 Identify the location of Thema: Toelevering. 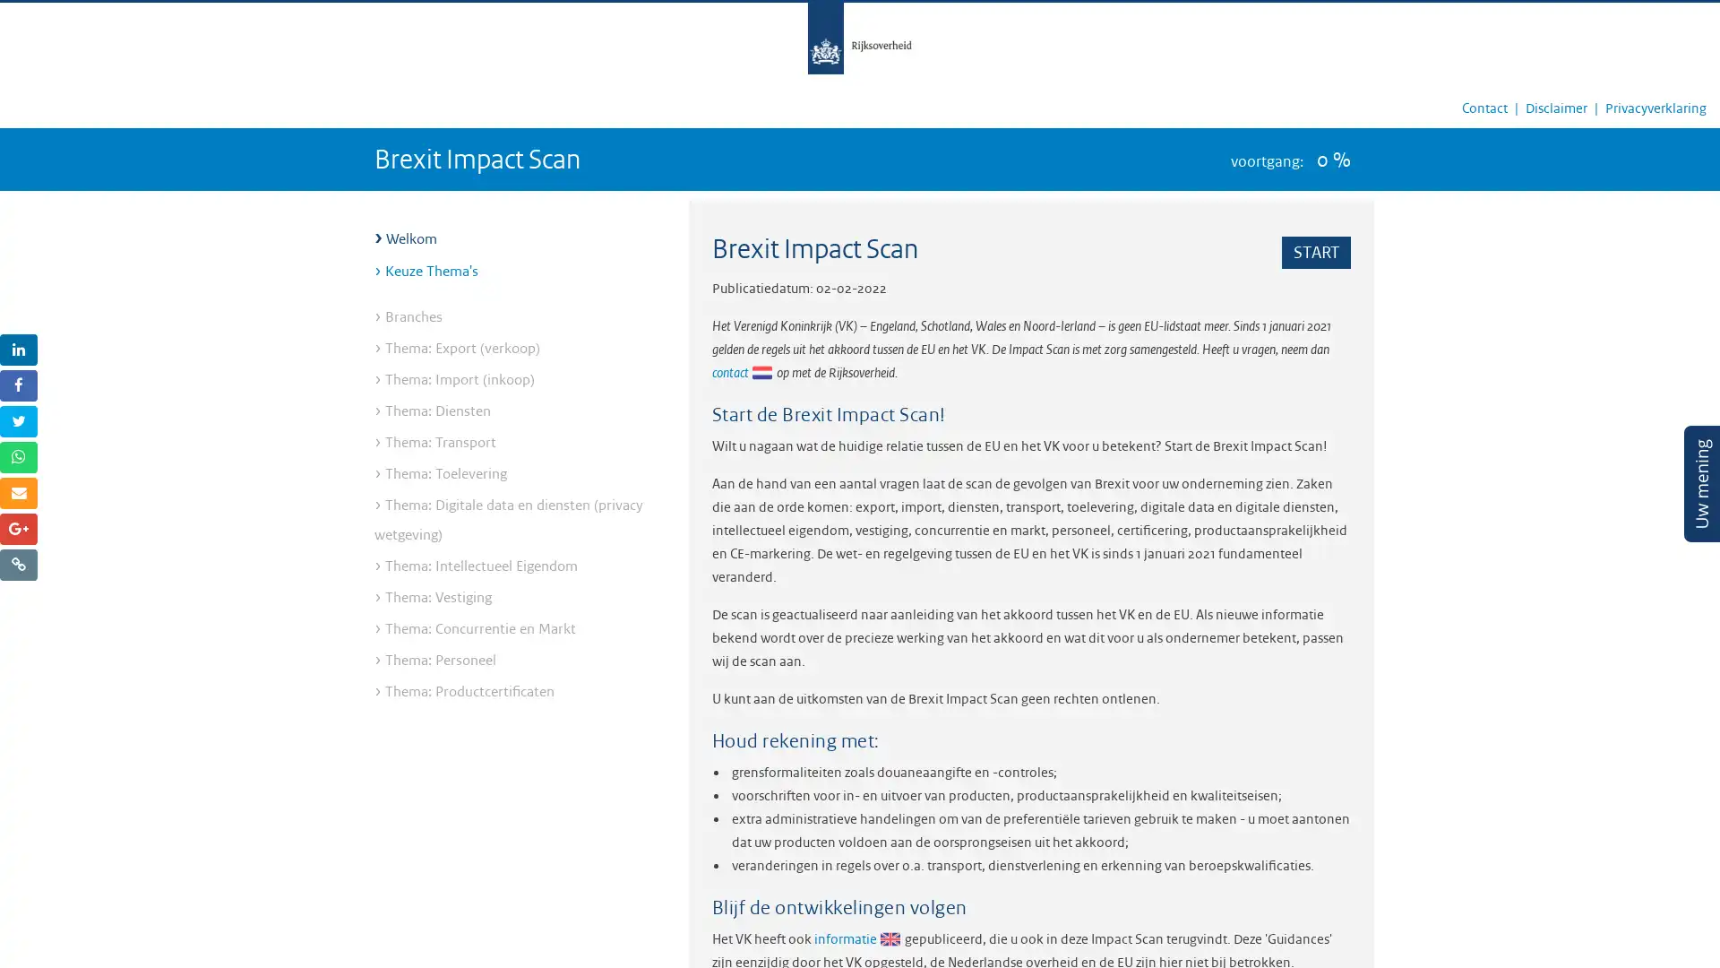
(515, 472).